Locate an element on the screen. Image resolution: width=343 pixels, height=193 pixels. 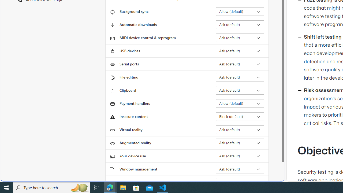
'Background sync Allow (default)' is located at coordinates (240, 12).